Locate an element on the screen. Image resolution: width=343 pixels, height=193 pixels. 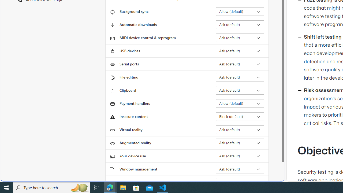
'Background sync Allow (default)' is located at coordinates (240, 12).